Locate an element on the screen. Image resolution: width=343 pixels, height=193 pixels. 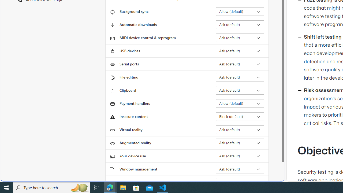
'Background sync Allow (default)' is located at coordinates (240, 12).